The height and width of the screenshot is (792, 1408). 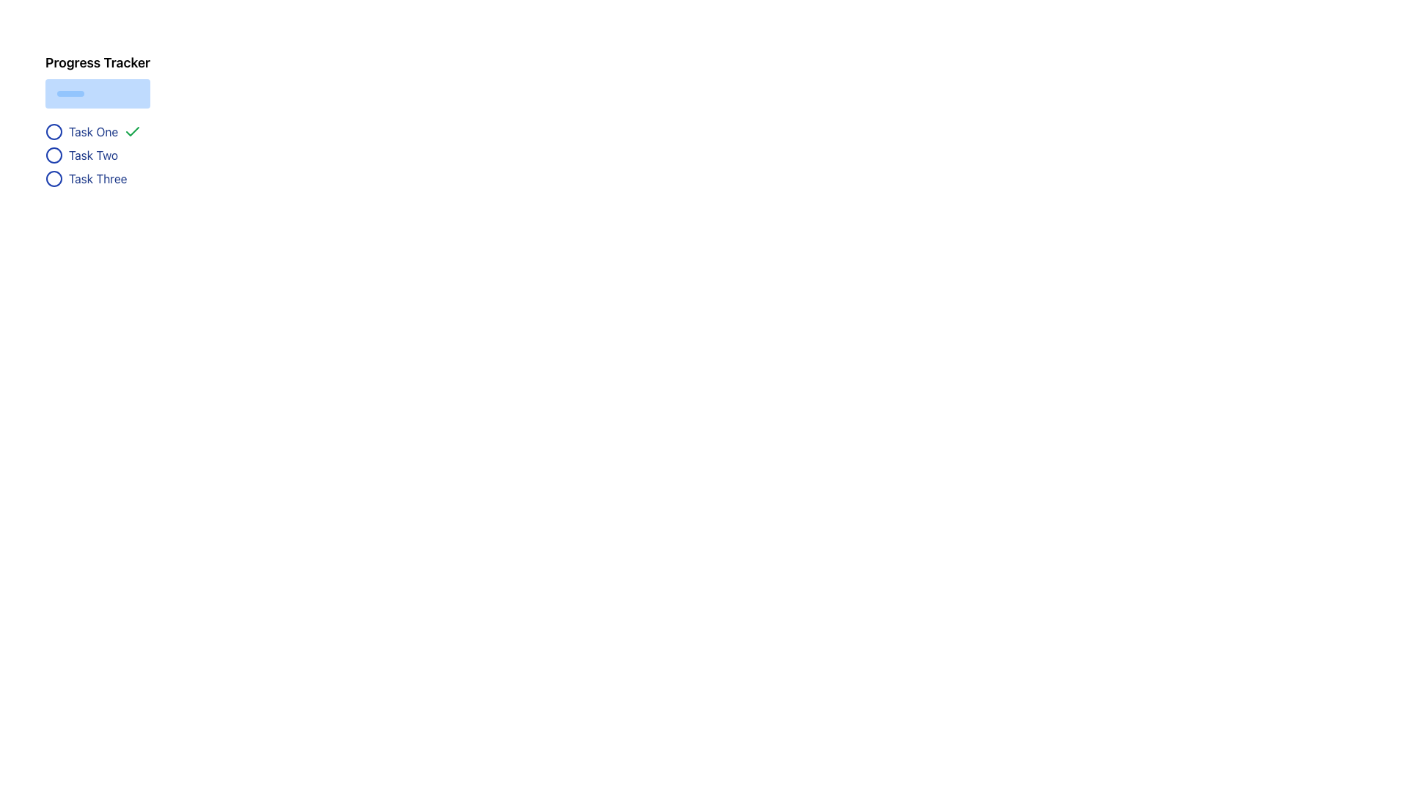 I want to click on the circular icon with a blue outline and white fill located to the left of the label 'Task Two', so click(x=54, y=155).